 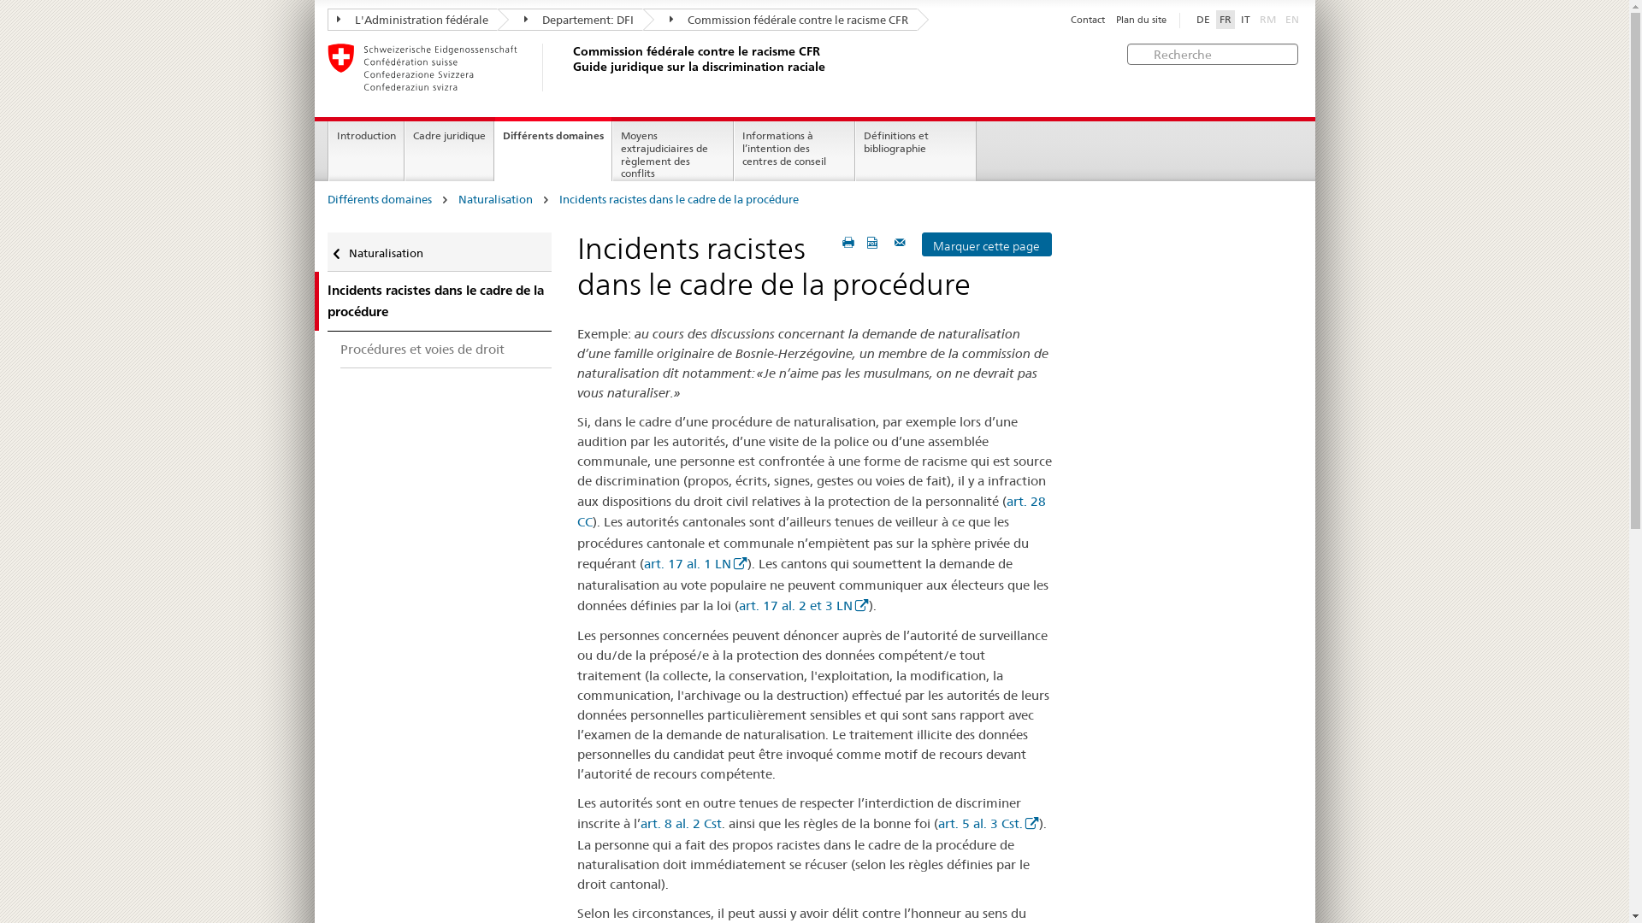 What do you see at coordinates (1087, 20) in the screenshot?
I see `'Contact'` at bounding box center [1087, 20].